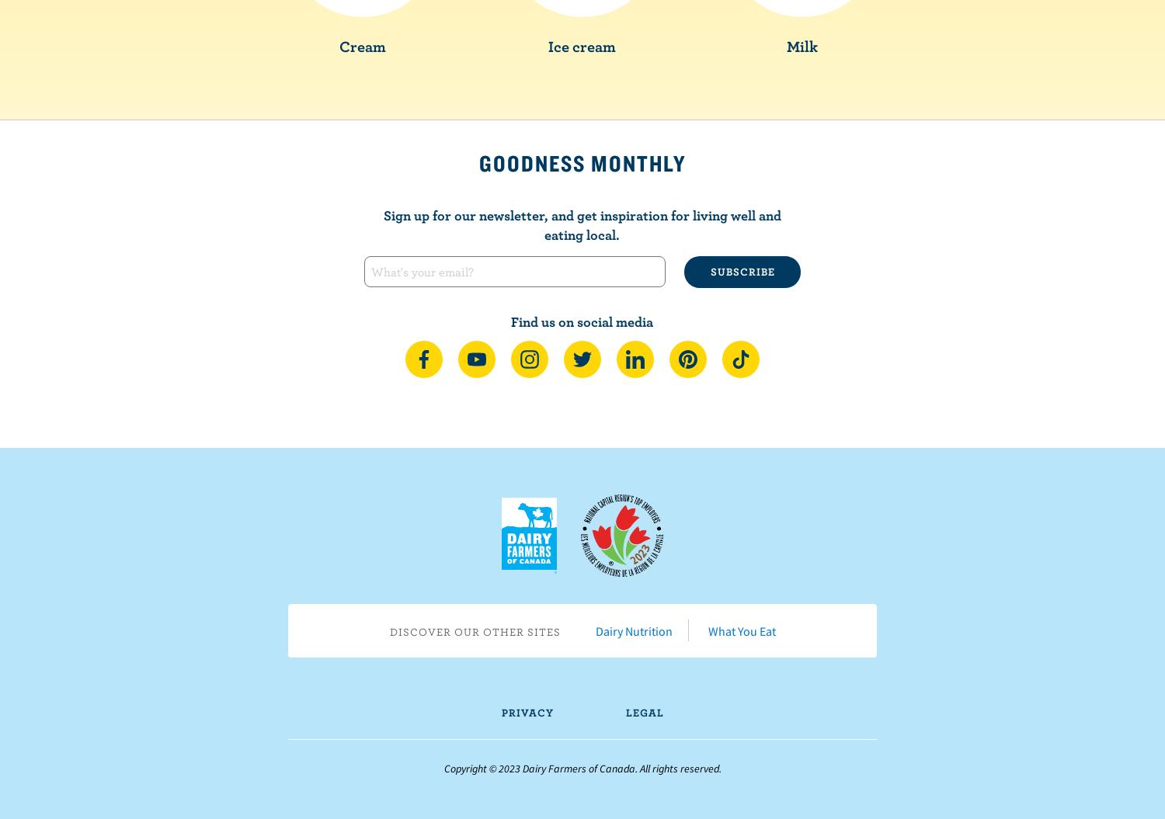  What do you see at coordinates (740, 630) in the screenshot?
I see `'What You Eat'` at bounding box center [740, 630].